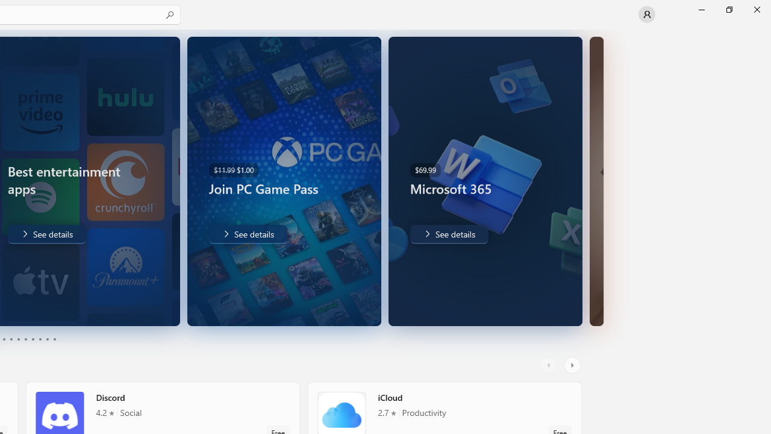 The height and width of the screenshot is (434, 771). Describe the element at coordinates (47, 339) in the screenshot. I see `'Page 9'` at that location.